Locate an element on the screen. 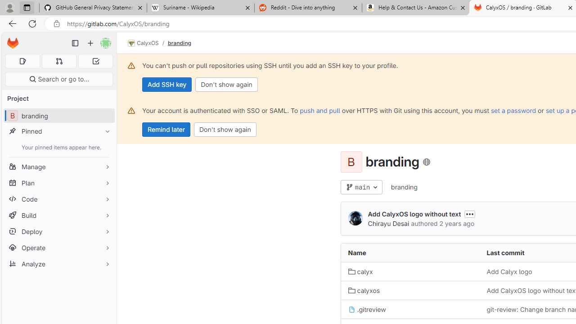 Image resolution: width=576 pixels, height=324 pixels. 'CalyxOS/' is located at coordinates (148, 43).